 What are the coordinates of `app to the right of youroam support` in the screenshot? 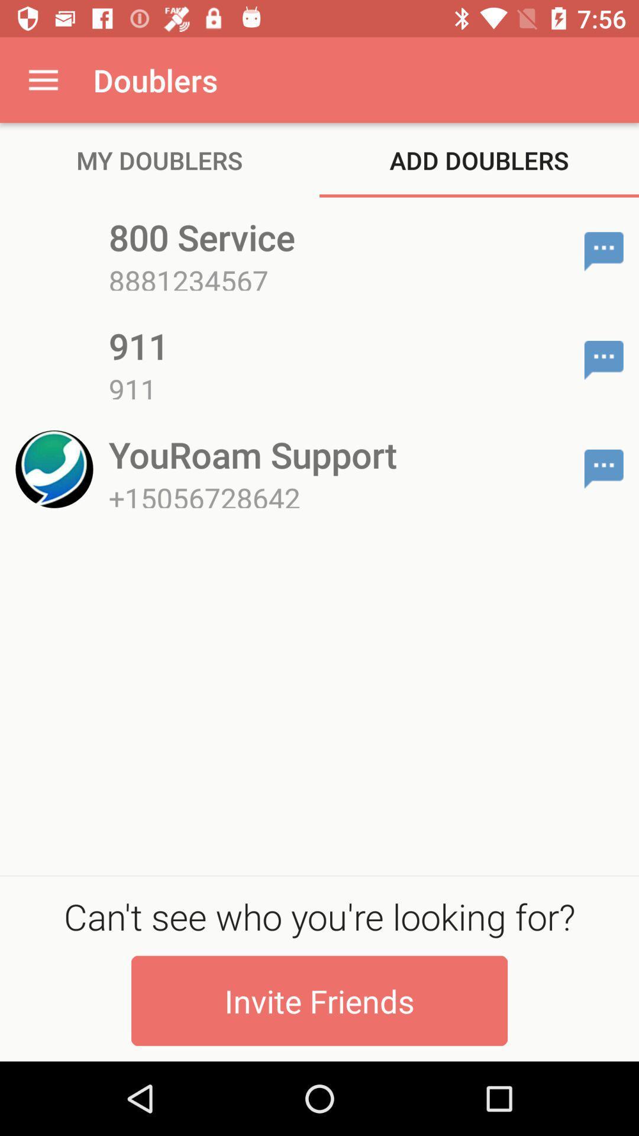 It's located at (603, 468).